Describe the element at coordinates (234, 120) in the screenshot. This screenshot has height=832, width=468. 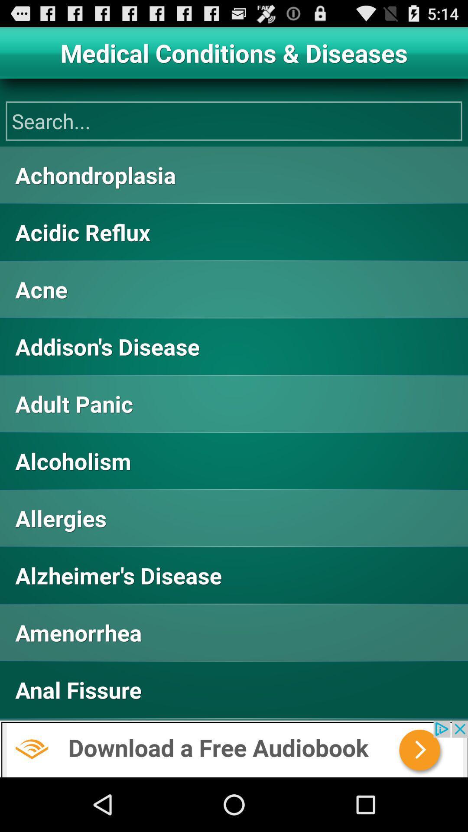
I see `search bar` at that location.